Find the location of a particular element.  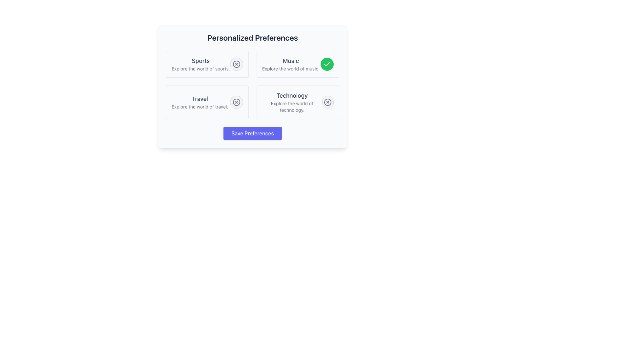

the checkmark icon within the green circular selection indicator to interact with the 'Music' preference option is located at coordinates (327, 64).